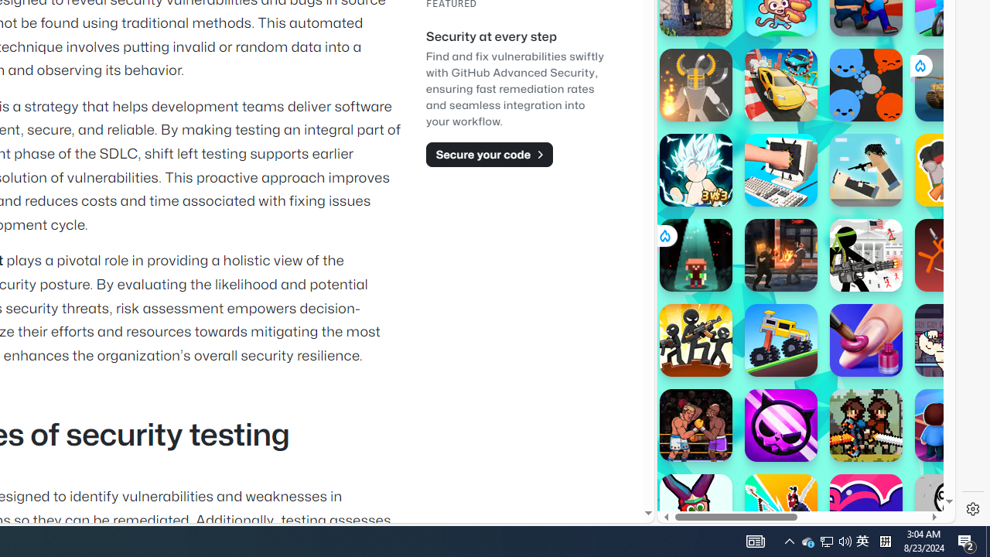  What do you see at coordinates (695, 169) in the screenshot?
I see `'Stickman Dragon Fight'` at bounding box center [695, 169].